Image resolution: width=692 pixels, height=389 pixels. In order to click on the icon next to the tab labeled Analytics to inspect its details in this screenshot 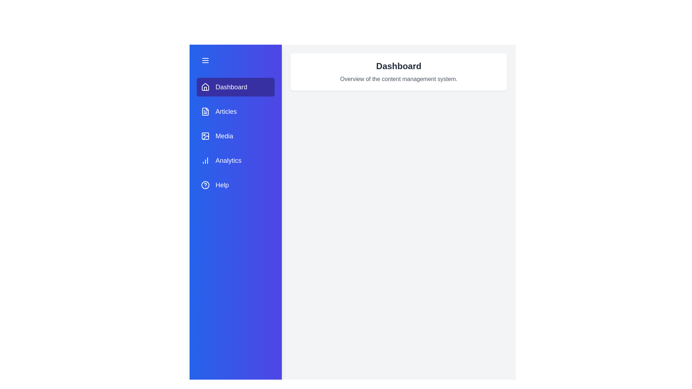, I will do `click(205, 160)`.